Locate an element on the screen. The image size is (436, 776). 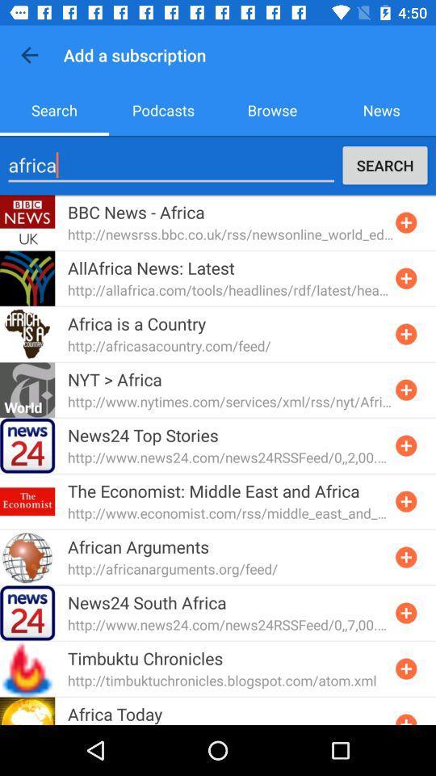
podcasts is located at coordinates (163, 109).